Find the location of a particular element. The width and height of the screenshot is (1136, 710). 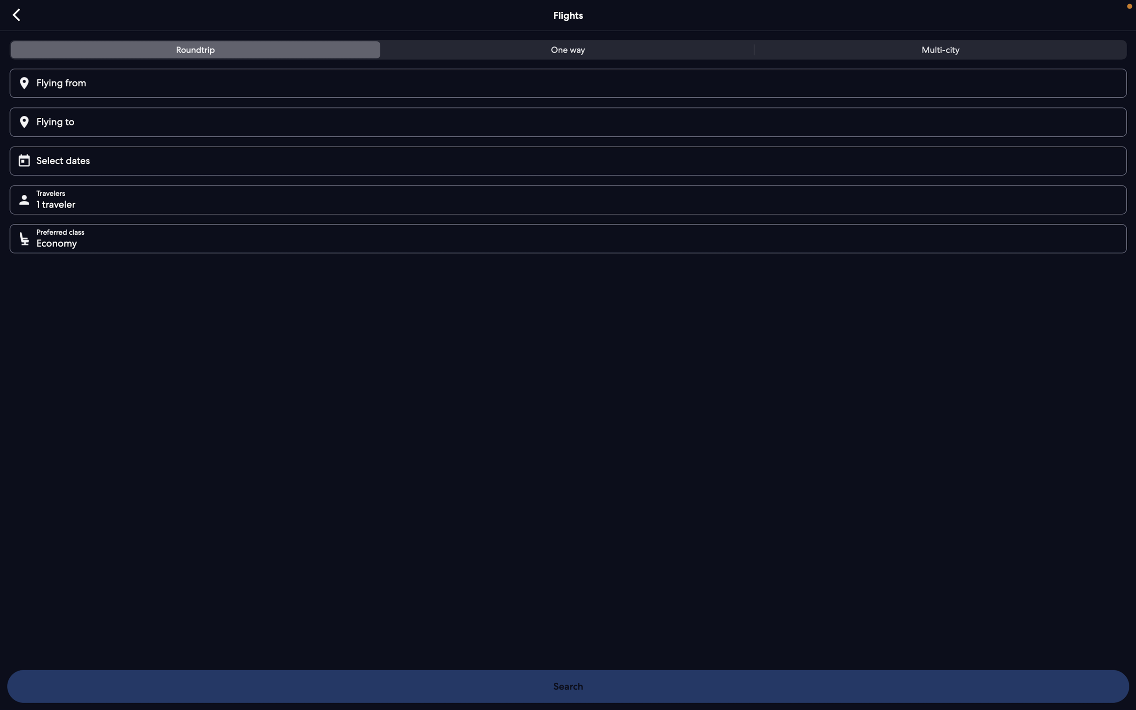

multi-city flights tab is located at coordinates (937, 51).